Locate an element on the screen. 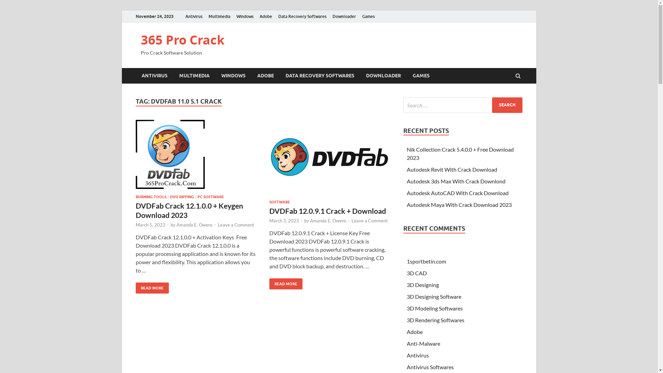  '3D Designing Software' is located at coordinates (434, 296).